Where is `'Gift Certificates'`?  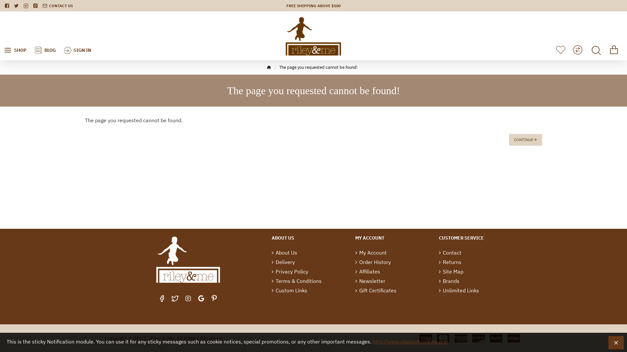 'Gift Certificates' is located at coordinates (376, 291).